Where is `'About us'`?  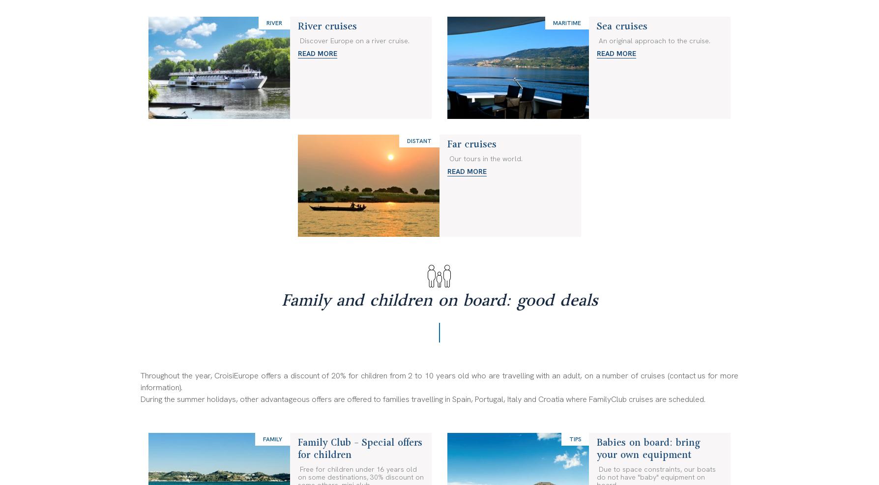
'About us' is located at coordinates (154, 33).